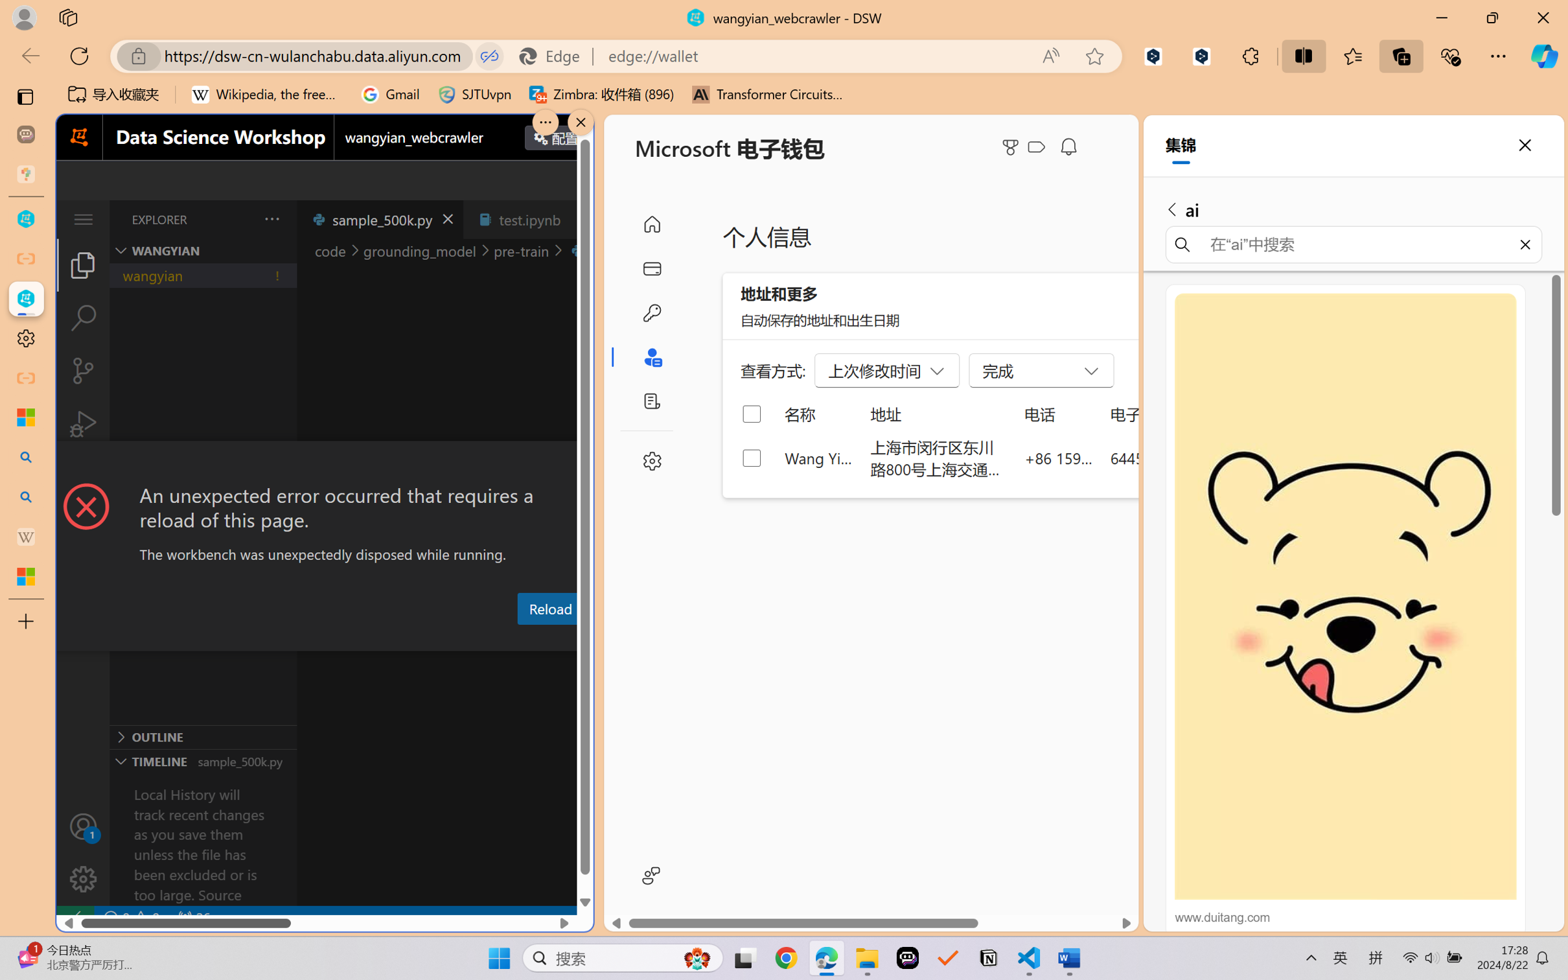 This screenshot has width=1568, height=980. What do you see at coordinates (130, 917) in the screenshot?
I see `'No Problems'` at bounding box center [130, 917].